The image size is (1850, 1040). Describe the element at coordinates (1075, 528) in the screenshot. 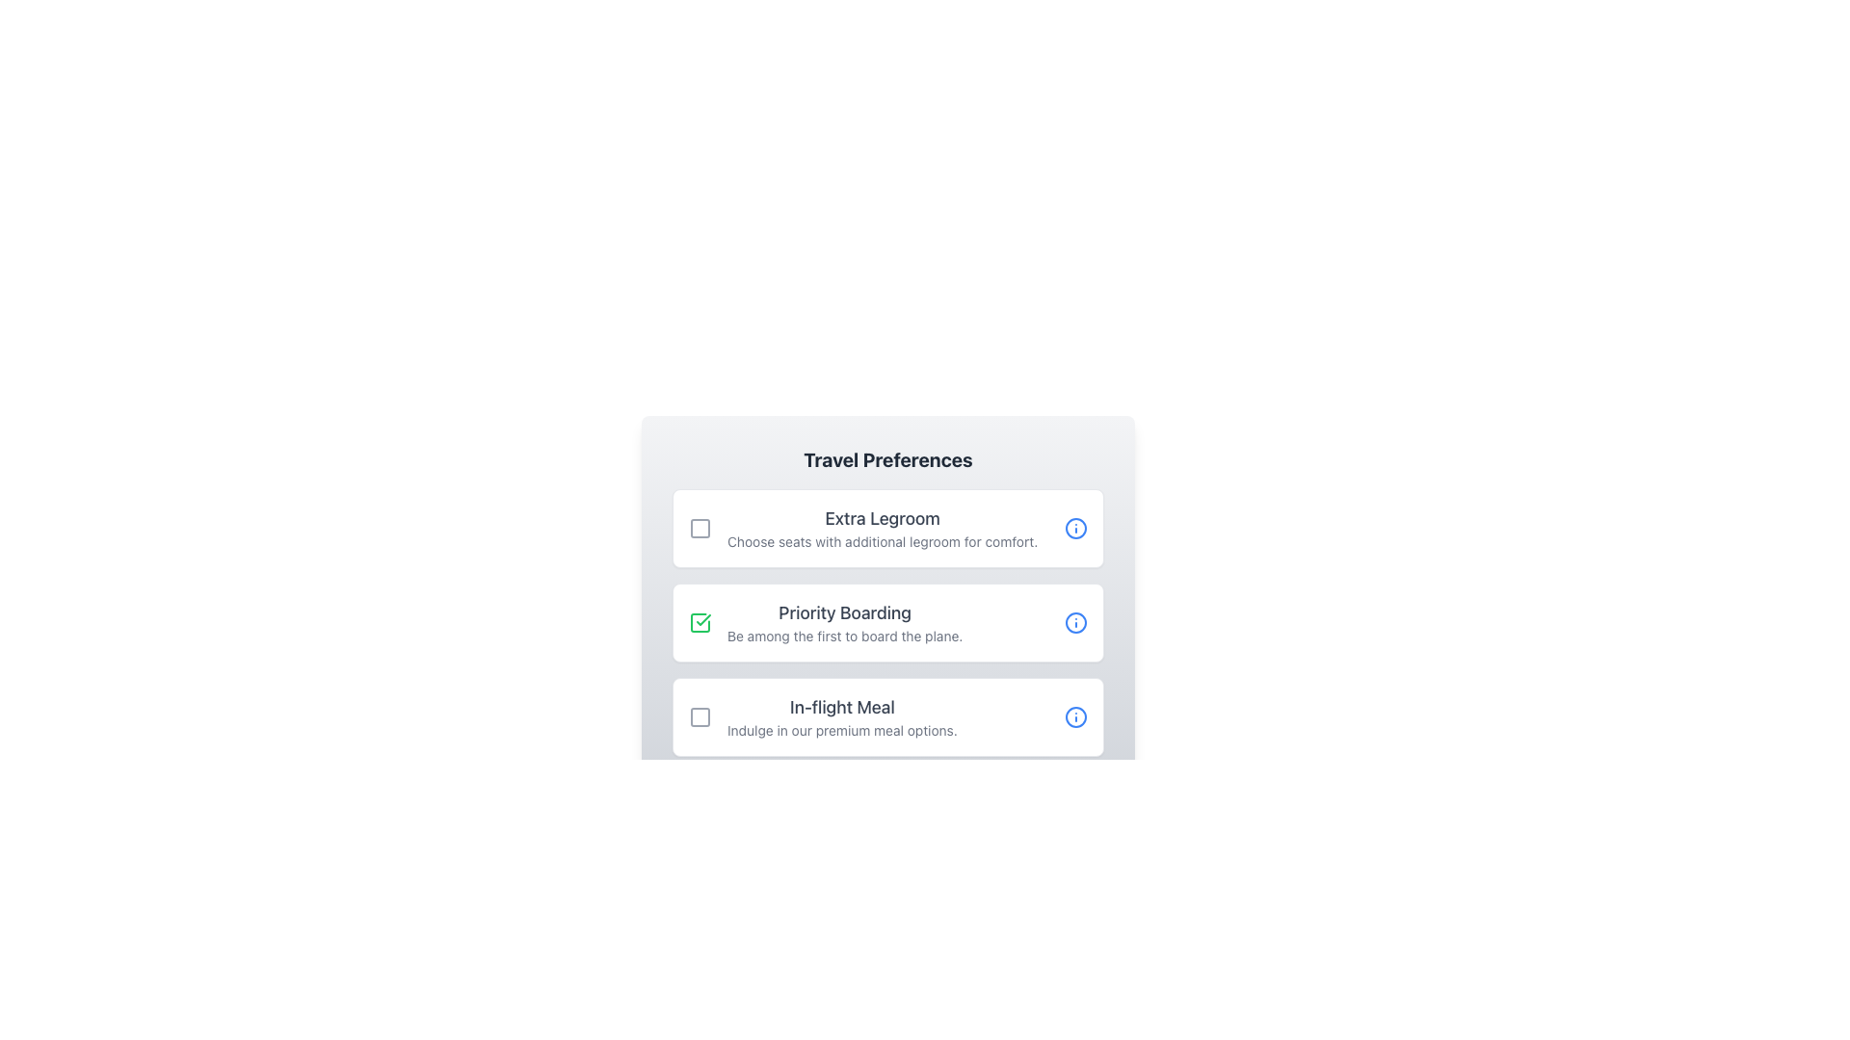

I see `the Informational Icon with a blue outline and white background, located to the right of the 'Extra Legroom' preference description` at that location.